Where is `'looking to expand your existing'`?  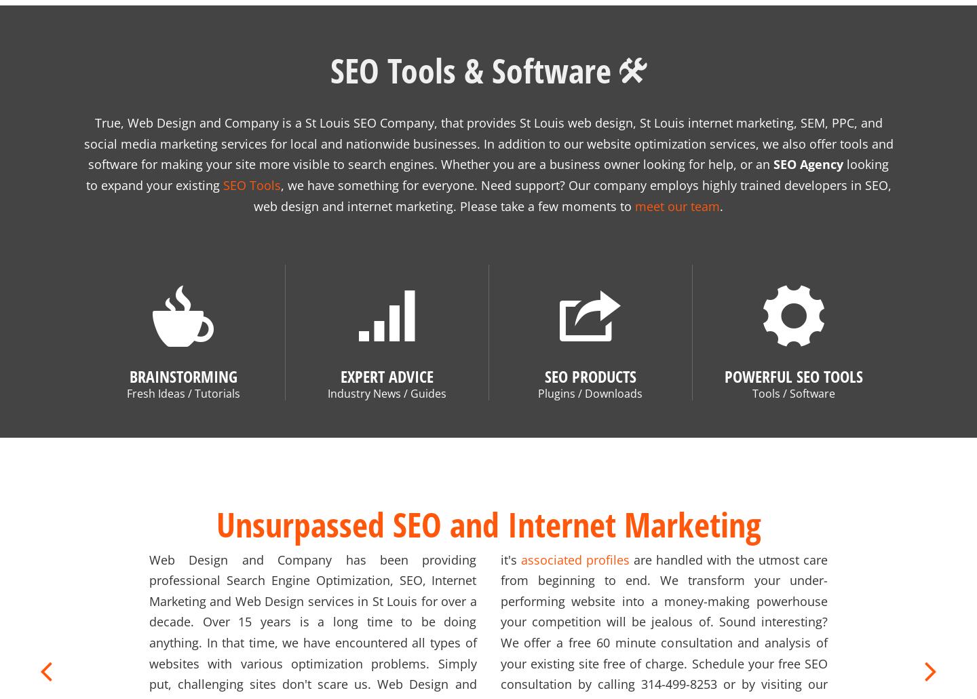 'looking to expand your existing' is located at coordinates (486, 157).